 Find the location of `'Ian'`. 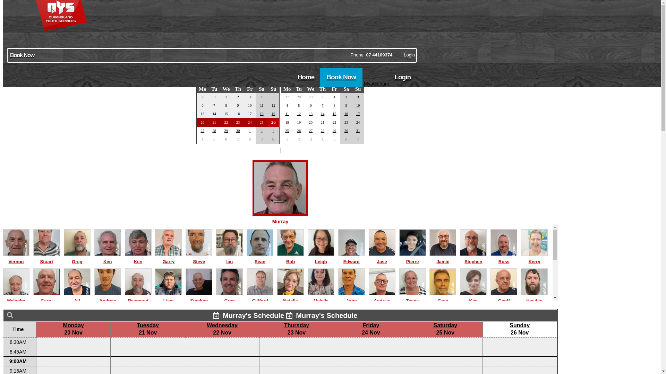

'Ian' is located at coordinates (229, 258).